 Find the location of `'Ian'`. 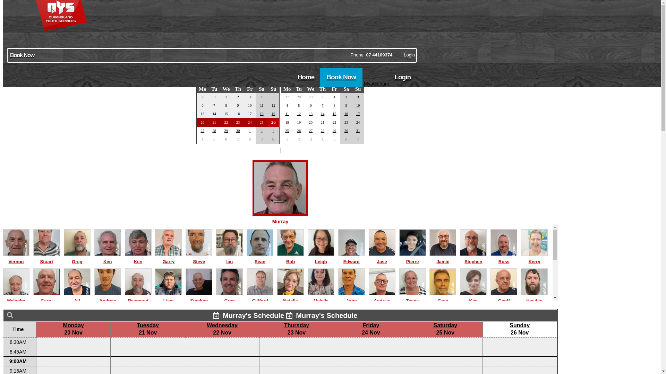

'Ian' is located at coordinates (229, 258).